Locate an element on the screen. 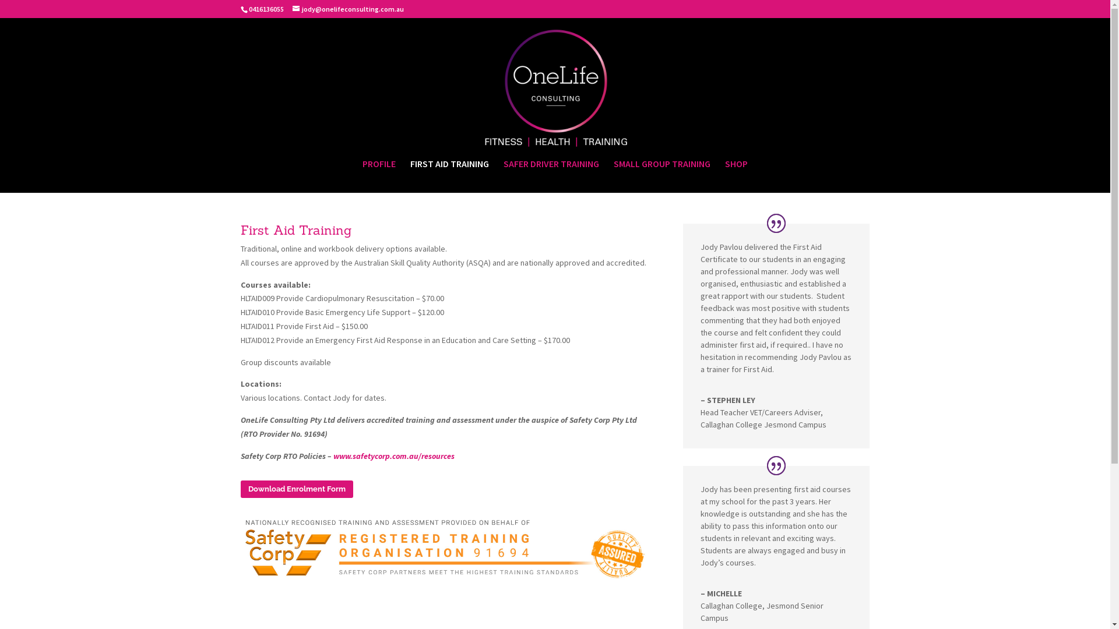  'FIRST AID TRAINING' is located at coordinates (449, 176).